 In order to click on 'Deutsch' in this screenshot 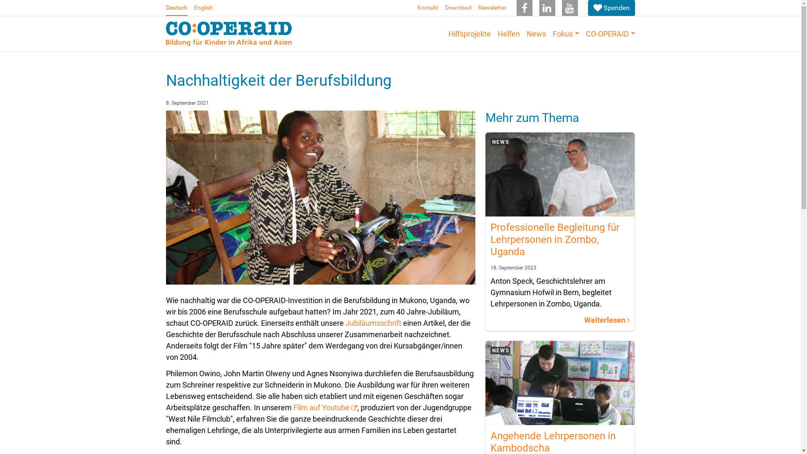, I will do `click(176, 8)`.